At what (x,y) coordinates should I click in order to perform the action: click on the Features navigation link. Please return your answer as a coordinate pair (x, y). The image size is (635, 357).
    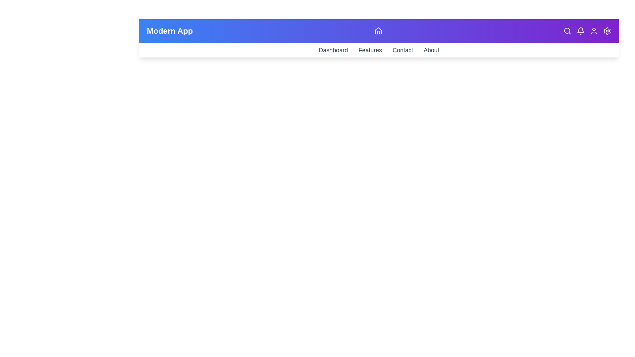
    Looking at the image, I should click on (370, 50).